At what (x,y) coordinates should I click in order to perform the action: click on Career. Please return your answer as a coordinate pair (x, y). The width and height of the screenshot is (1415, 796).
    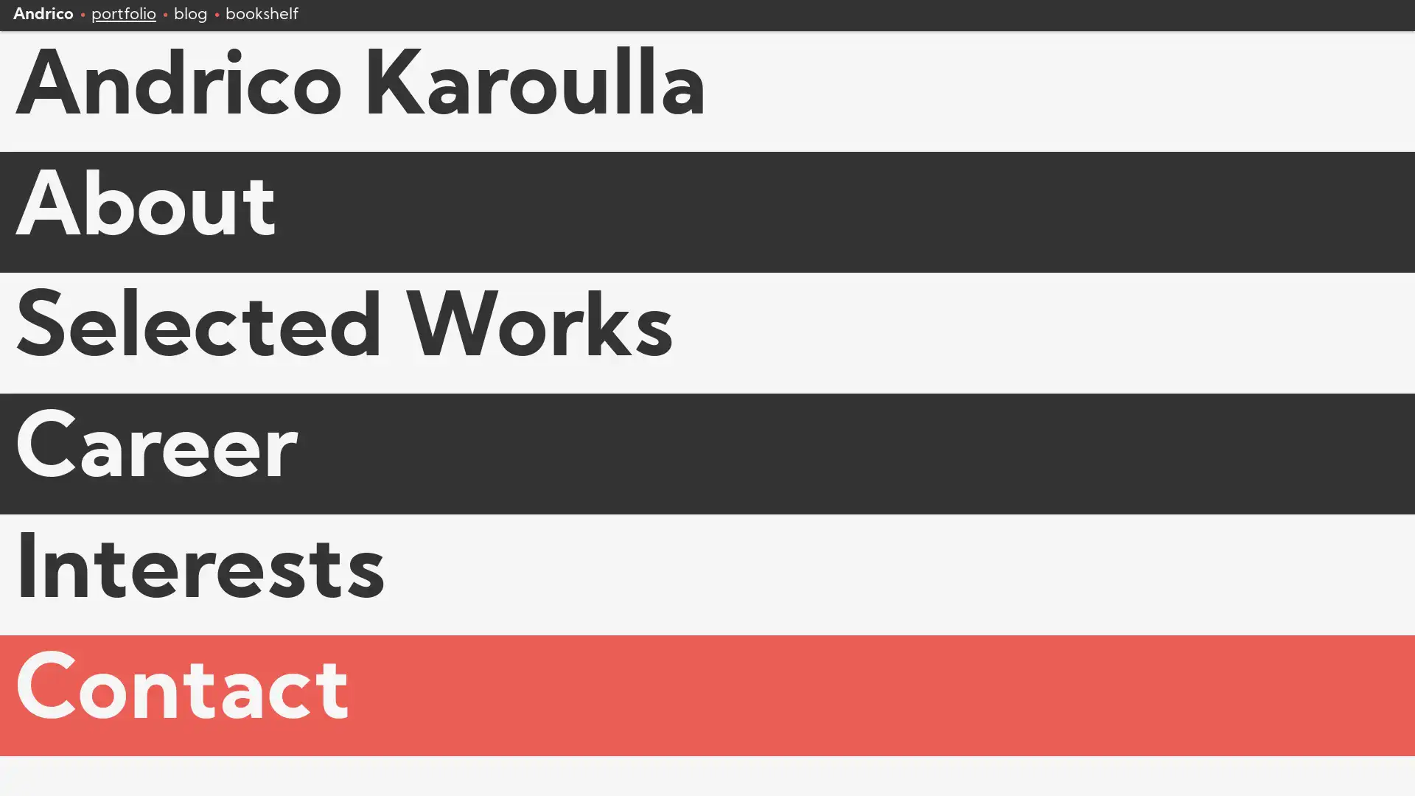
    Looking at the image, I should click on (660, 453).